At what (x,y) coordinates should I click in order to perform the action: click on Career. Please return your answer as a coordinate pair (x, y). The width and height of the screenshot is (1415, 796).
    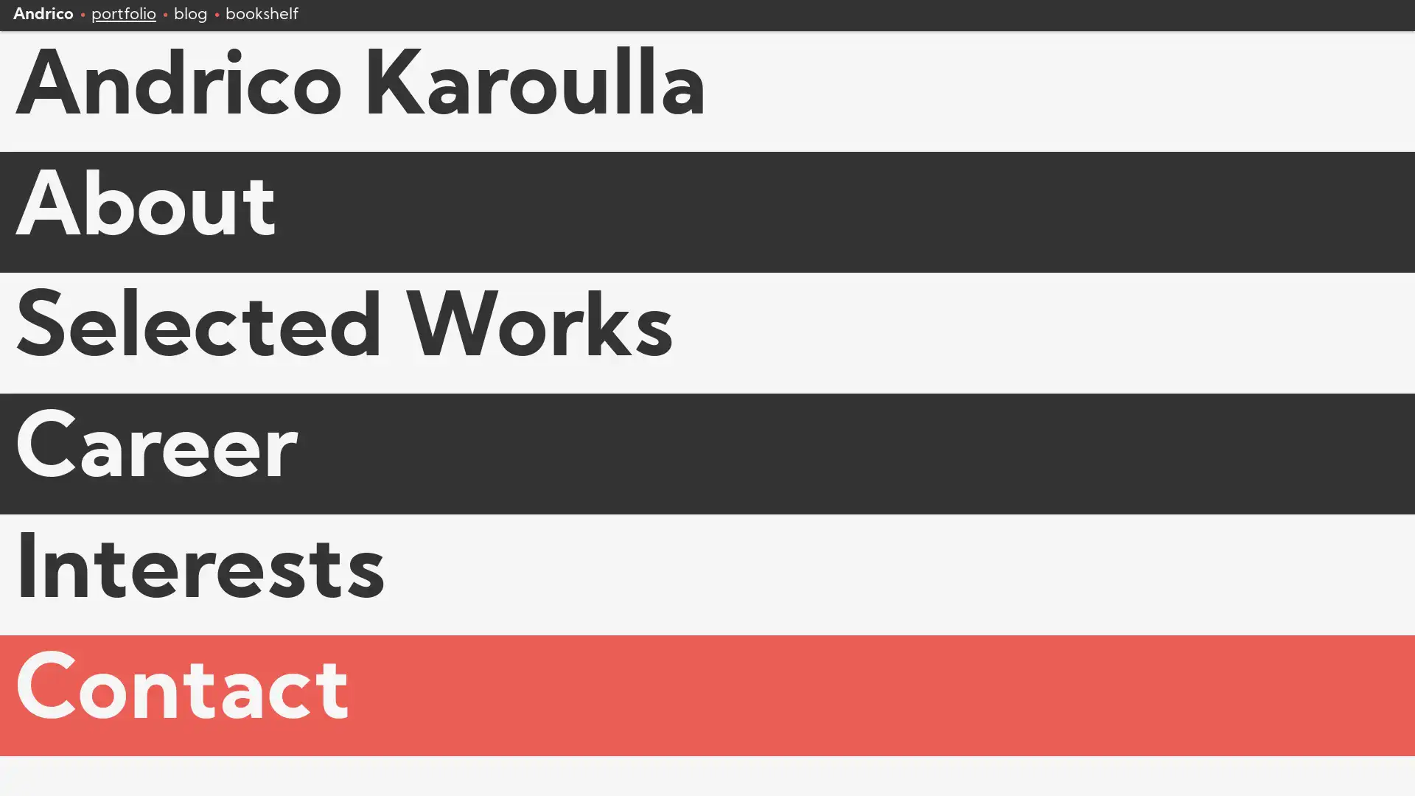
    Looking at the image, I should click on (660, 453).